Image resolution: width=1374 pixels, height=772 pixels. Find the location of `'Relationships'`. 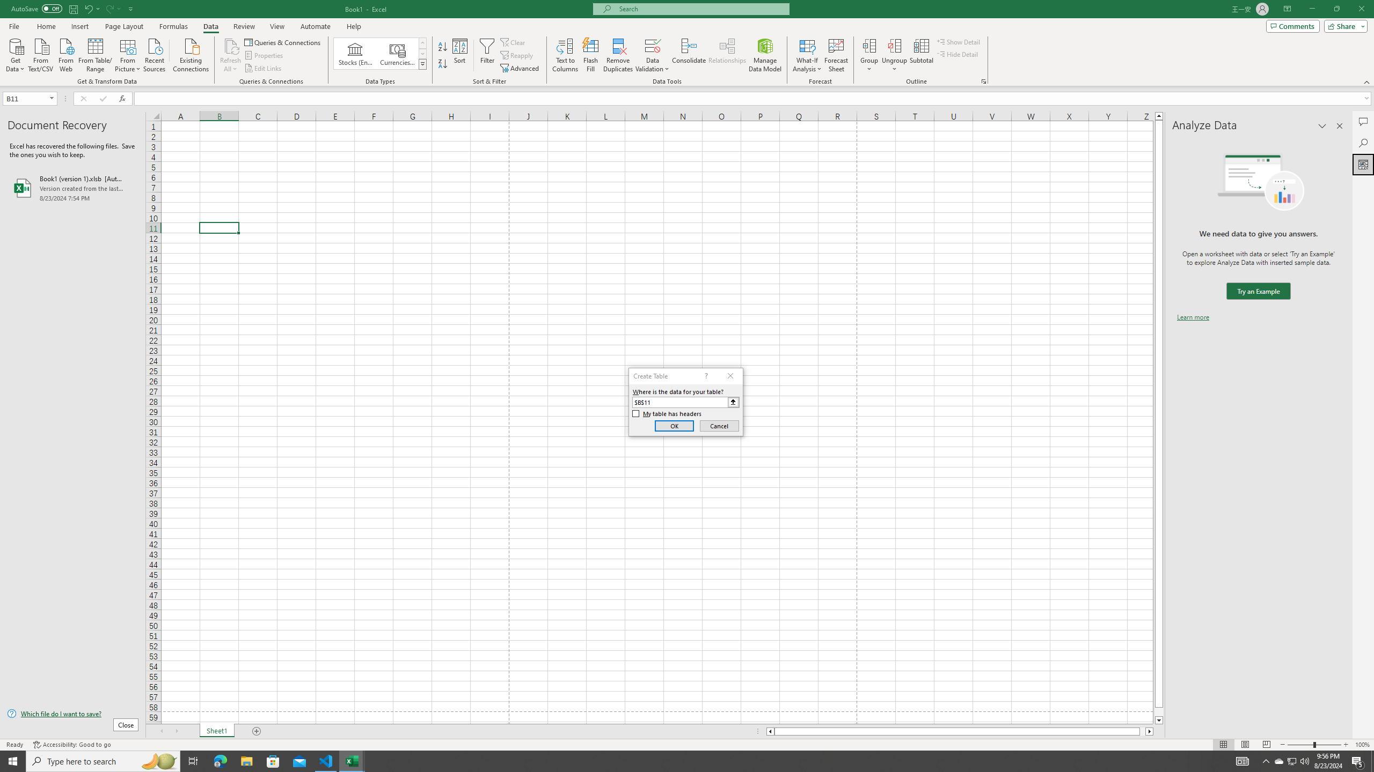

'Relationships' is located at coordinates (727, 55).